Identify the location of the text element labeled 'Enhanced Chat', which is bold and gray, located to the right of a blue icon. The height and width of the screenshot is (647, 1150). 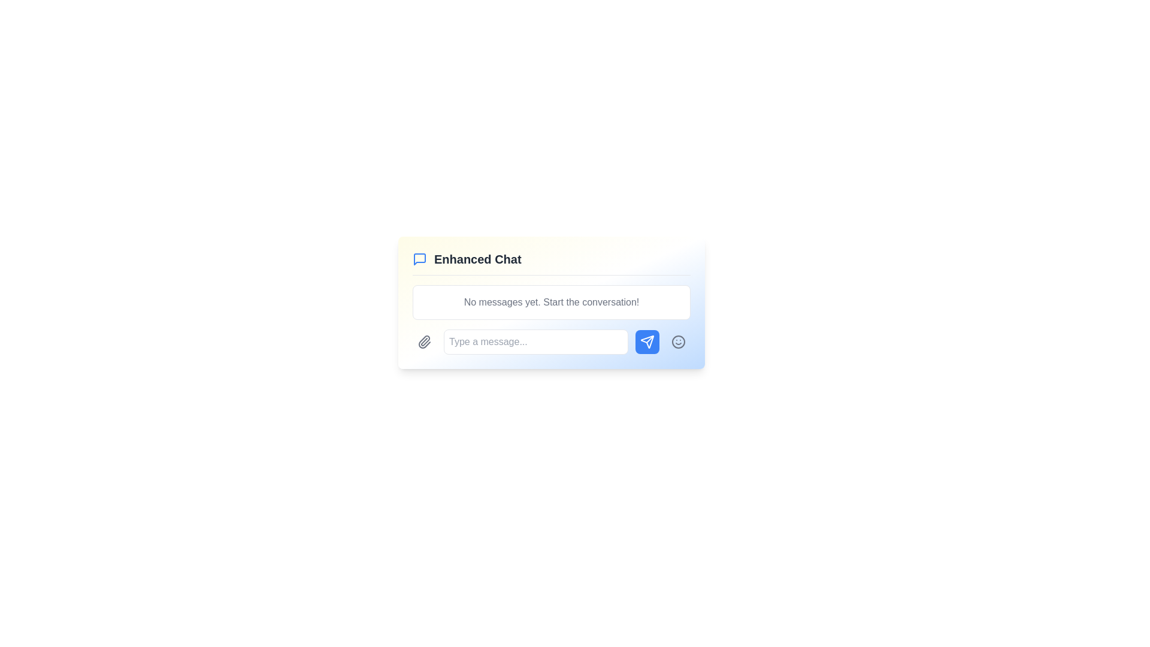
(477, 258).